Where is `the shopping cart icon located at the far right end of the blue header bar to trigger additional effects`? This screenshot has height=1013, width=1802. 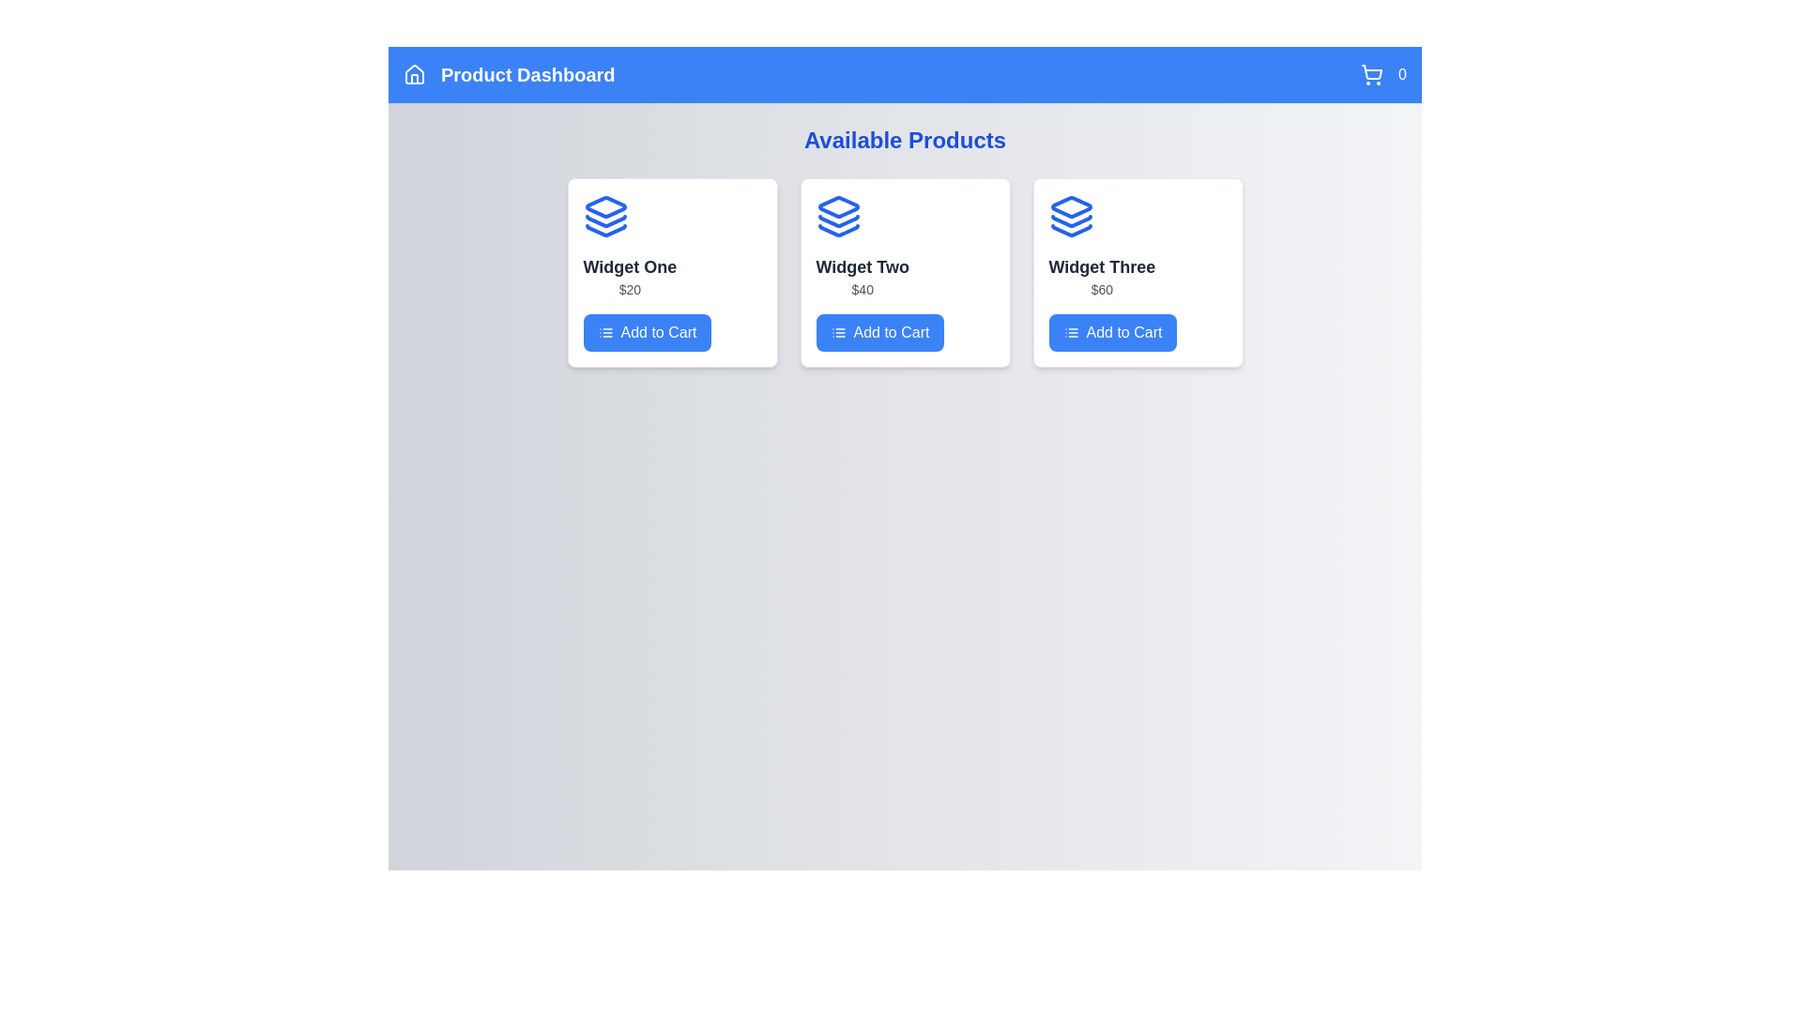
the shopping cart icon located at the far right end of the blue header bar to trigger additional effects is located at coordinates (1372, 74).